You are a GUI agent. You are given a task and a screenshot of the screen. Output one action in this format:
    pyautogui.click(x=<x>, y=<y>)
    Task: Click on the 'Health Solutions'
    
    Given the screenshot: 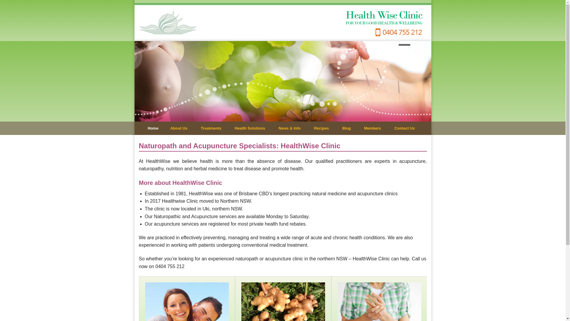 What is the action you would take?
    pyautogui.click(x=230, y=128)
    